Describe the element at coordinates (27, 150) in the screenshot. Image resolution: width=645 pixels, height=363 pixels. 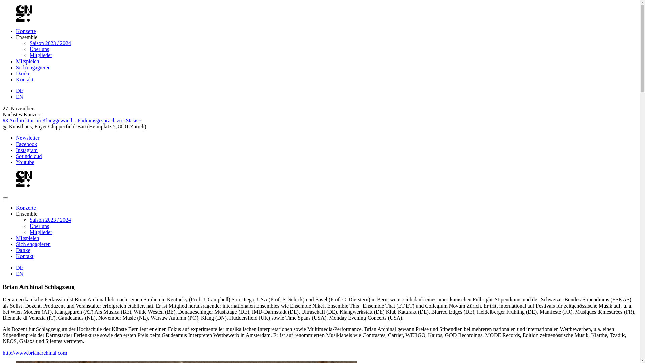
I see `'Instagram'` at that location.